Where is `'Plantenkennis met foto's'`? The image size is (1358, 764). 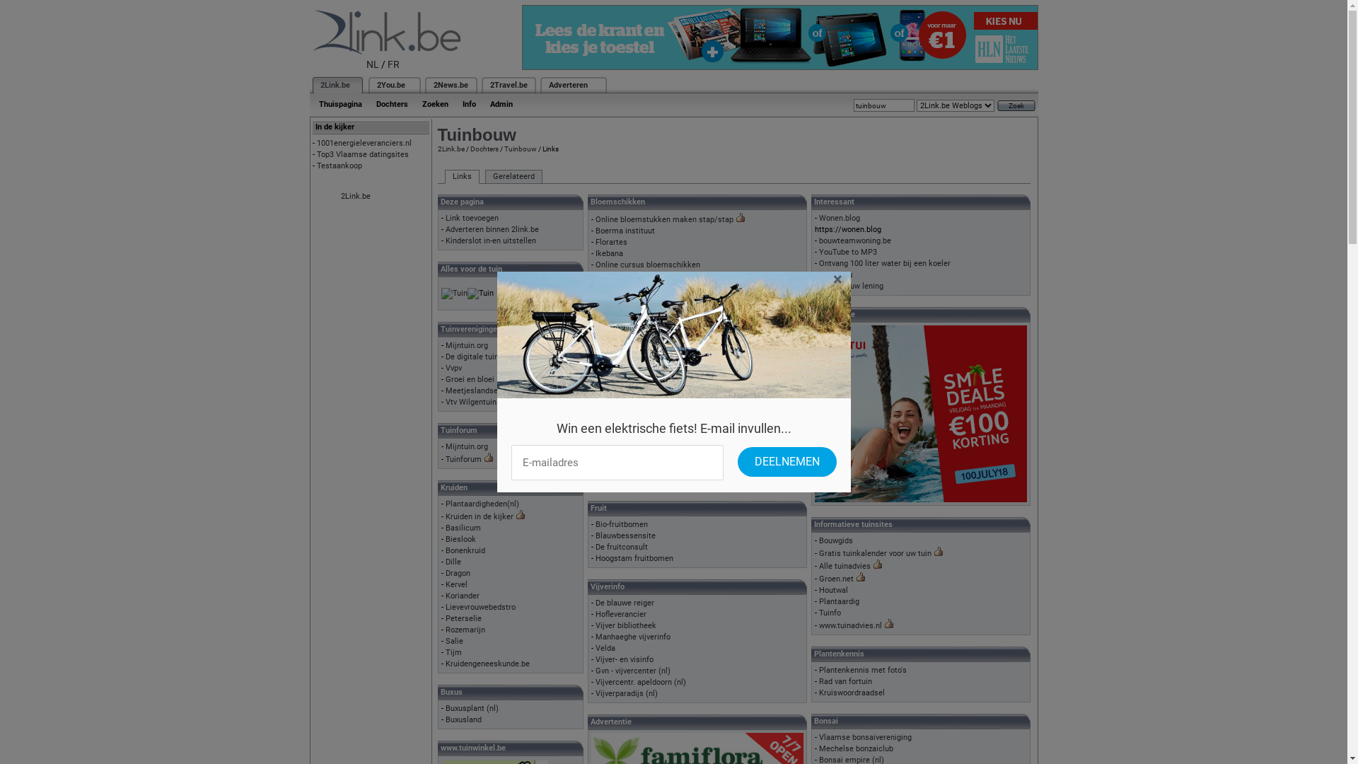 'Plantenkennis met foto's' is located at coordinates (861, 669).